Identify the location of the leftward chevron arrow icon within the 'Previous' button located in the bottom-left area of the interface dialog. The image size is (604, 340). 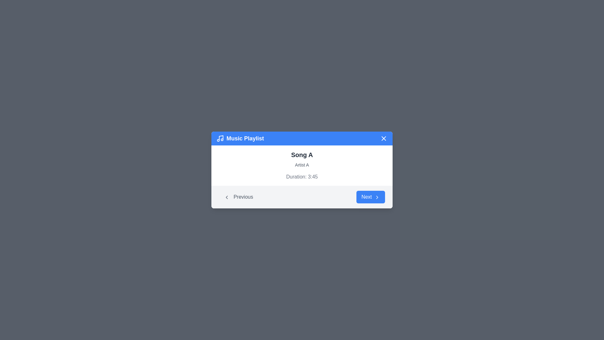
(226, 196).